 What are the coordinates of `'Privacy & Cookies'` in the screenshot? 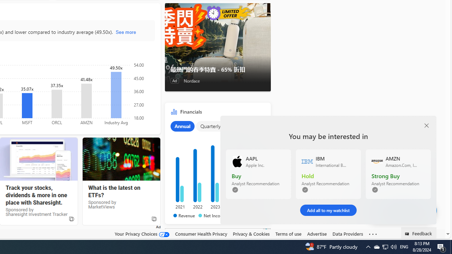 It's located at (251, 234).